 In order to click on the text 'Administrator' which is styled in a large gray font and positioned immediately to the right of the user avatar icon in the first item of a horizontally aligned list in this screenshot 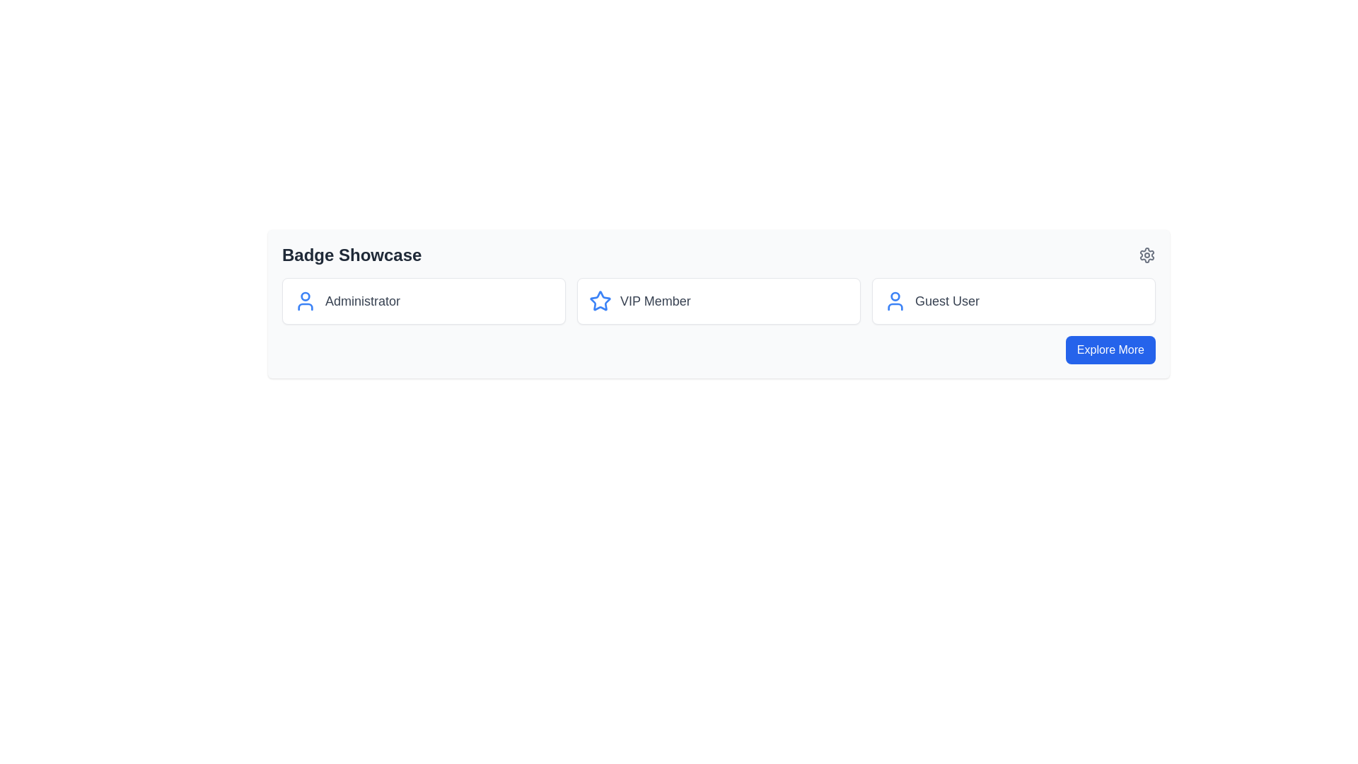, I will do `click(363, 300)`.